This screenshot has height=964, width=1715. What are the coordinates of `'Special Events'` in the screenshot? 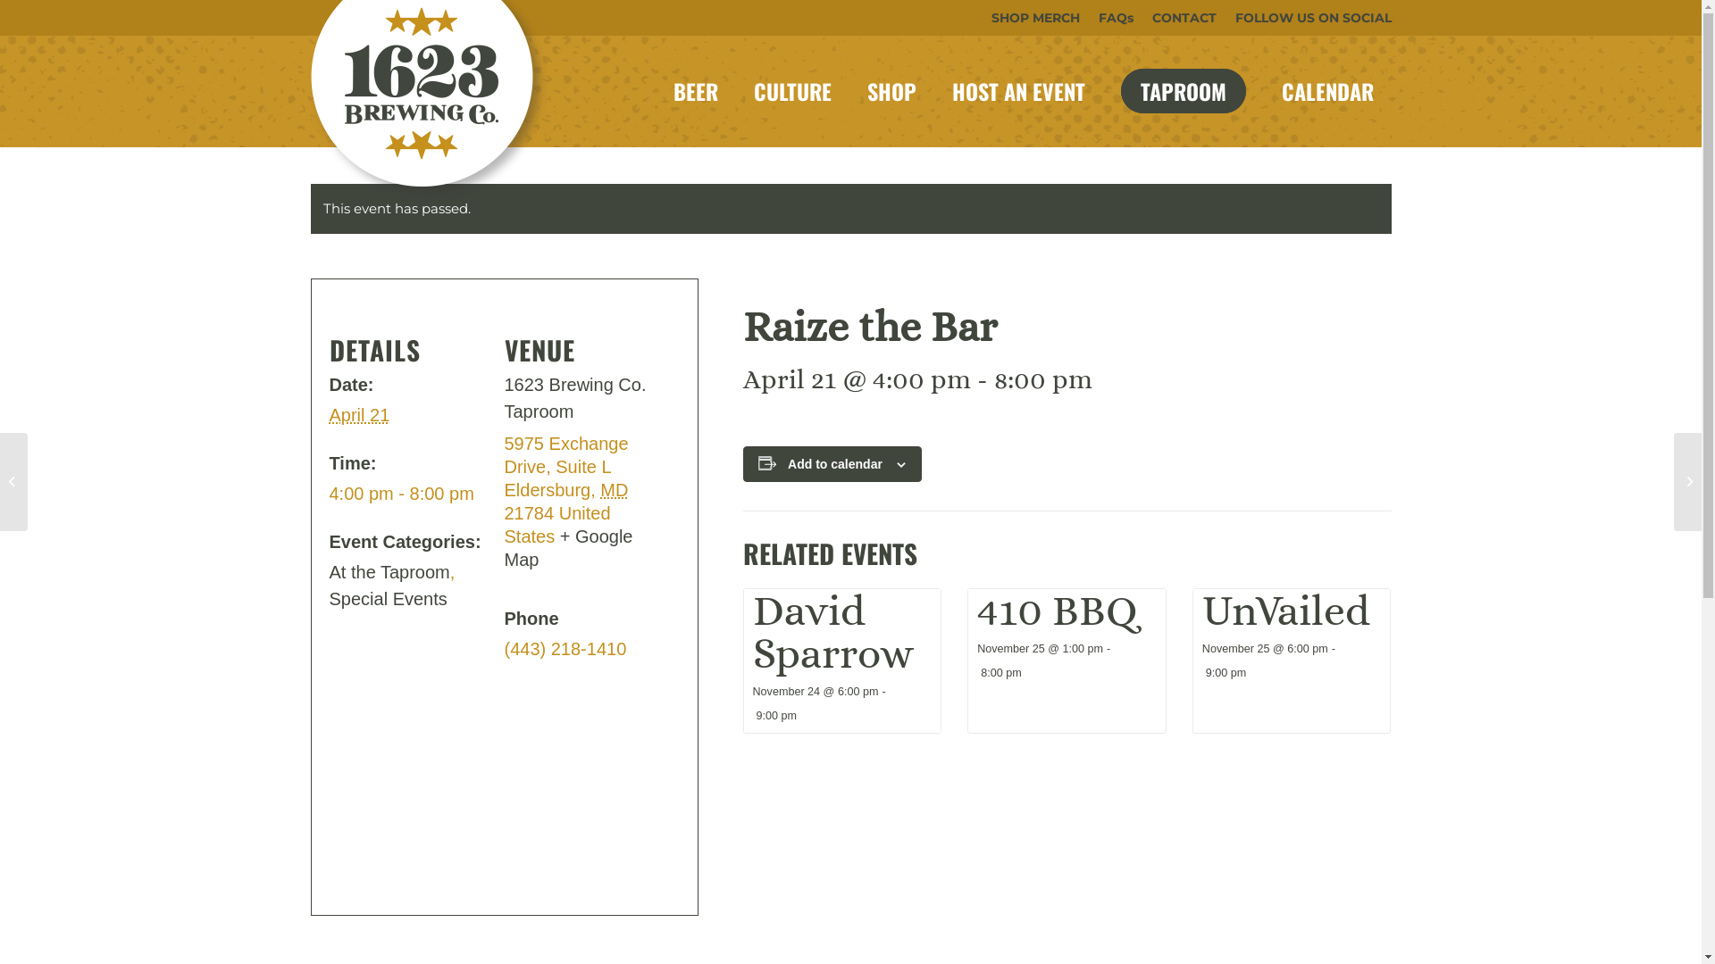 It's located at (386, 599).